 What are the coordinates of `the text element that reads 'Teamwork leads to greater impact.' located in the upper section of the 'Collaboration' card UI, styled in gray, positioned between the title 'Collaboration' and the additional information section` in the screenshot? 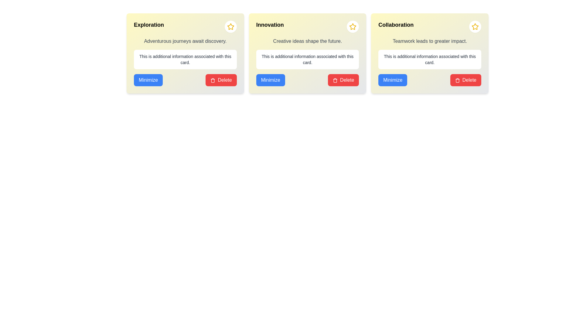 It's located at (429, 41).